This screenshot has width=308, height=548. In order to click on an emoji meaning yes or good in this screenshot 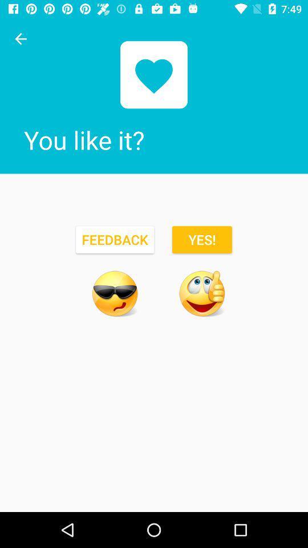, I will do `click(201, 293)`.